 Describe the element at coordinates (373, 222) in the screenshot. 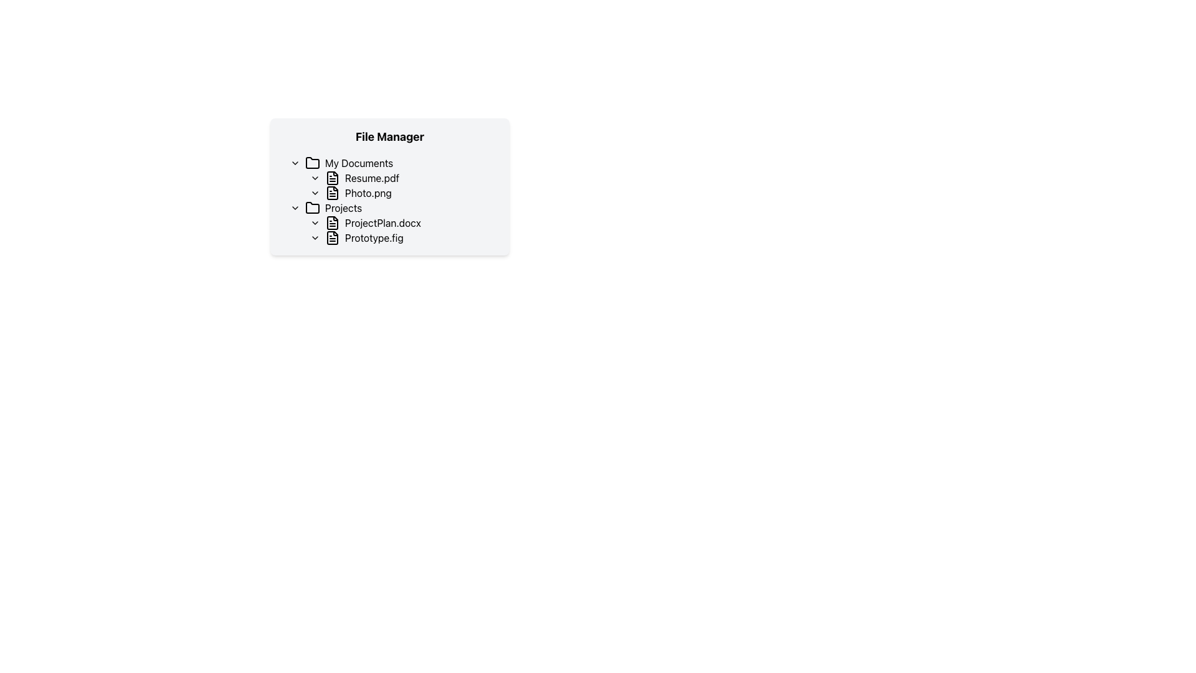

I see `the text label 'ProjectPlan.docx' with an accompanying document icon` at that location.